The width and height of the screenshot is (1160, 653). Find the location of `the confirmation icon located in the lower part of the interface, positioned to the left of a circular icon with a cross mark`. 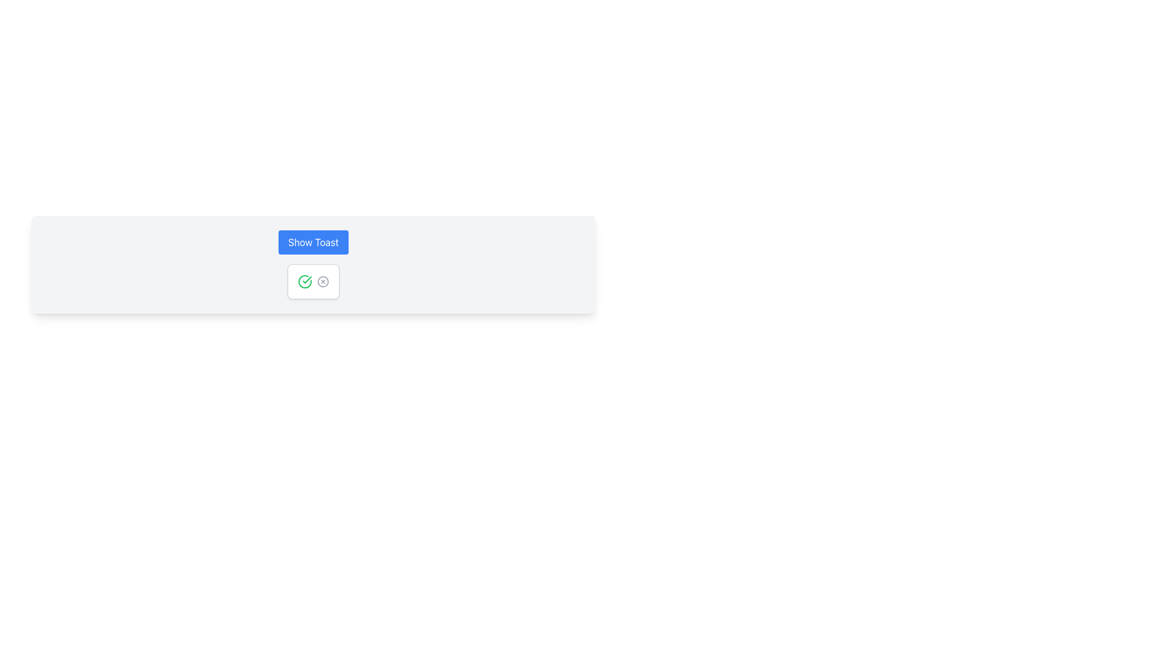

the confirmation icon located in the lower part of the interface, positioned to the left of a circular icon with a cross mark is located at coordinates (307, 279).